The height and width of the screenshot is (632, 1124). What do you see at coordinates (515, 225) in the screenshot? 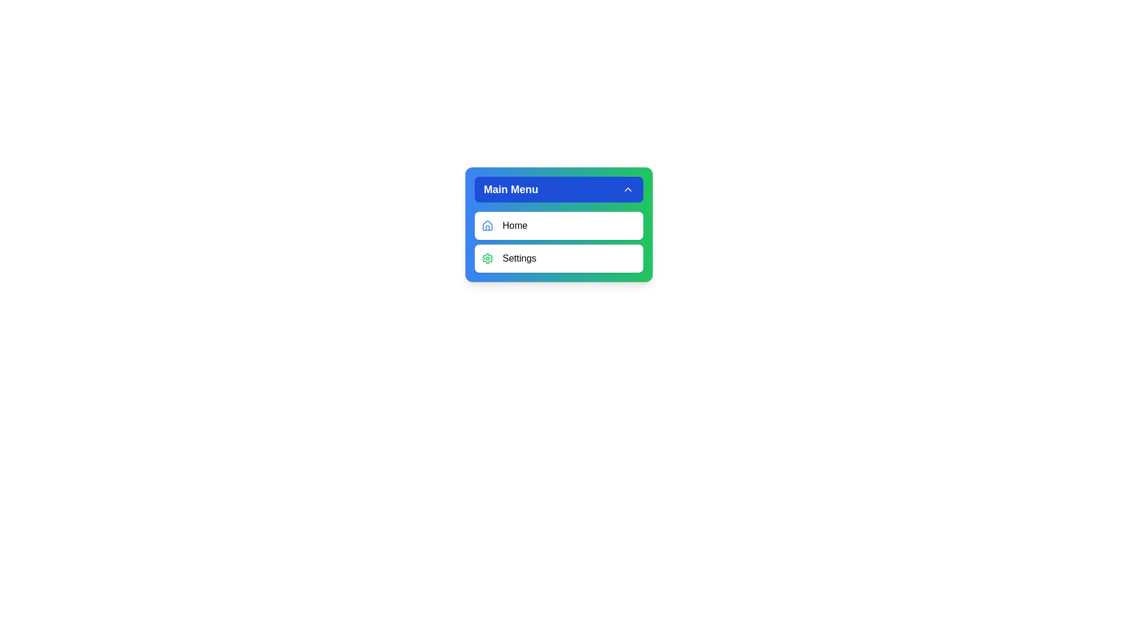
I see `the static text label that describes the 'Home' option in the menu, located immediately to the right of the house-shaped icon under the 'Main Menu' header` at bounding box center [515, 225].